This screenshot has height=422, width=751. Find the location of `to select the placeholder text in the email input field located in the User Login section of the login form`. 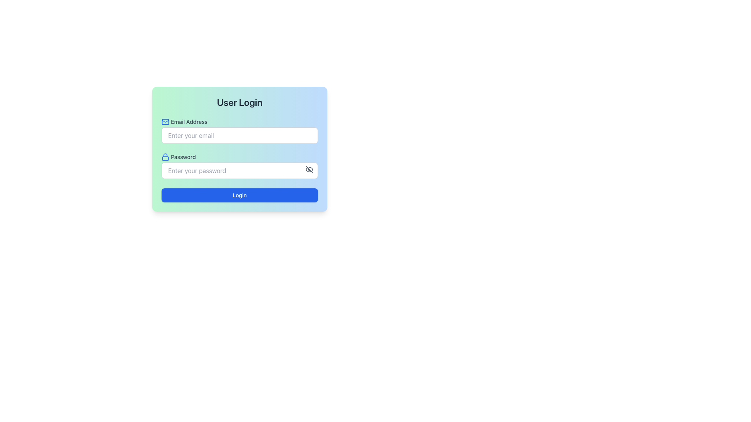

to select the placeholder text in the email input field located in the User Login section of the login form is located at coordinates (239, 131).